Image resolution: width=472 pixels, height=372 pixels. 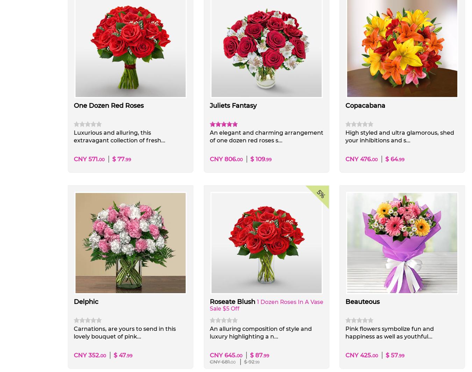 What do you see at coordinates (209, 305) in the screenshot?
I see `'1 Dozen Roses In A Vase Sale $5 Off'` at bounding box center [209, 305].